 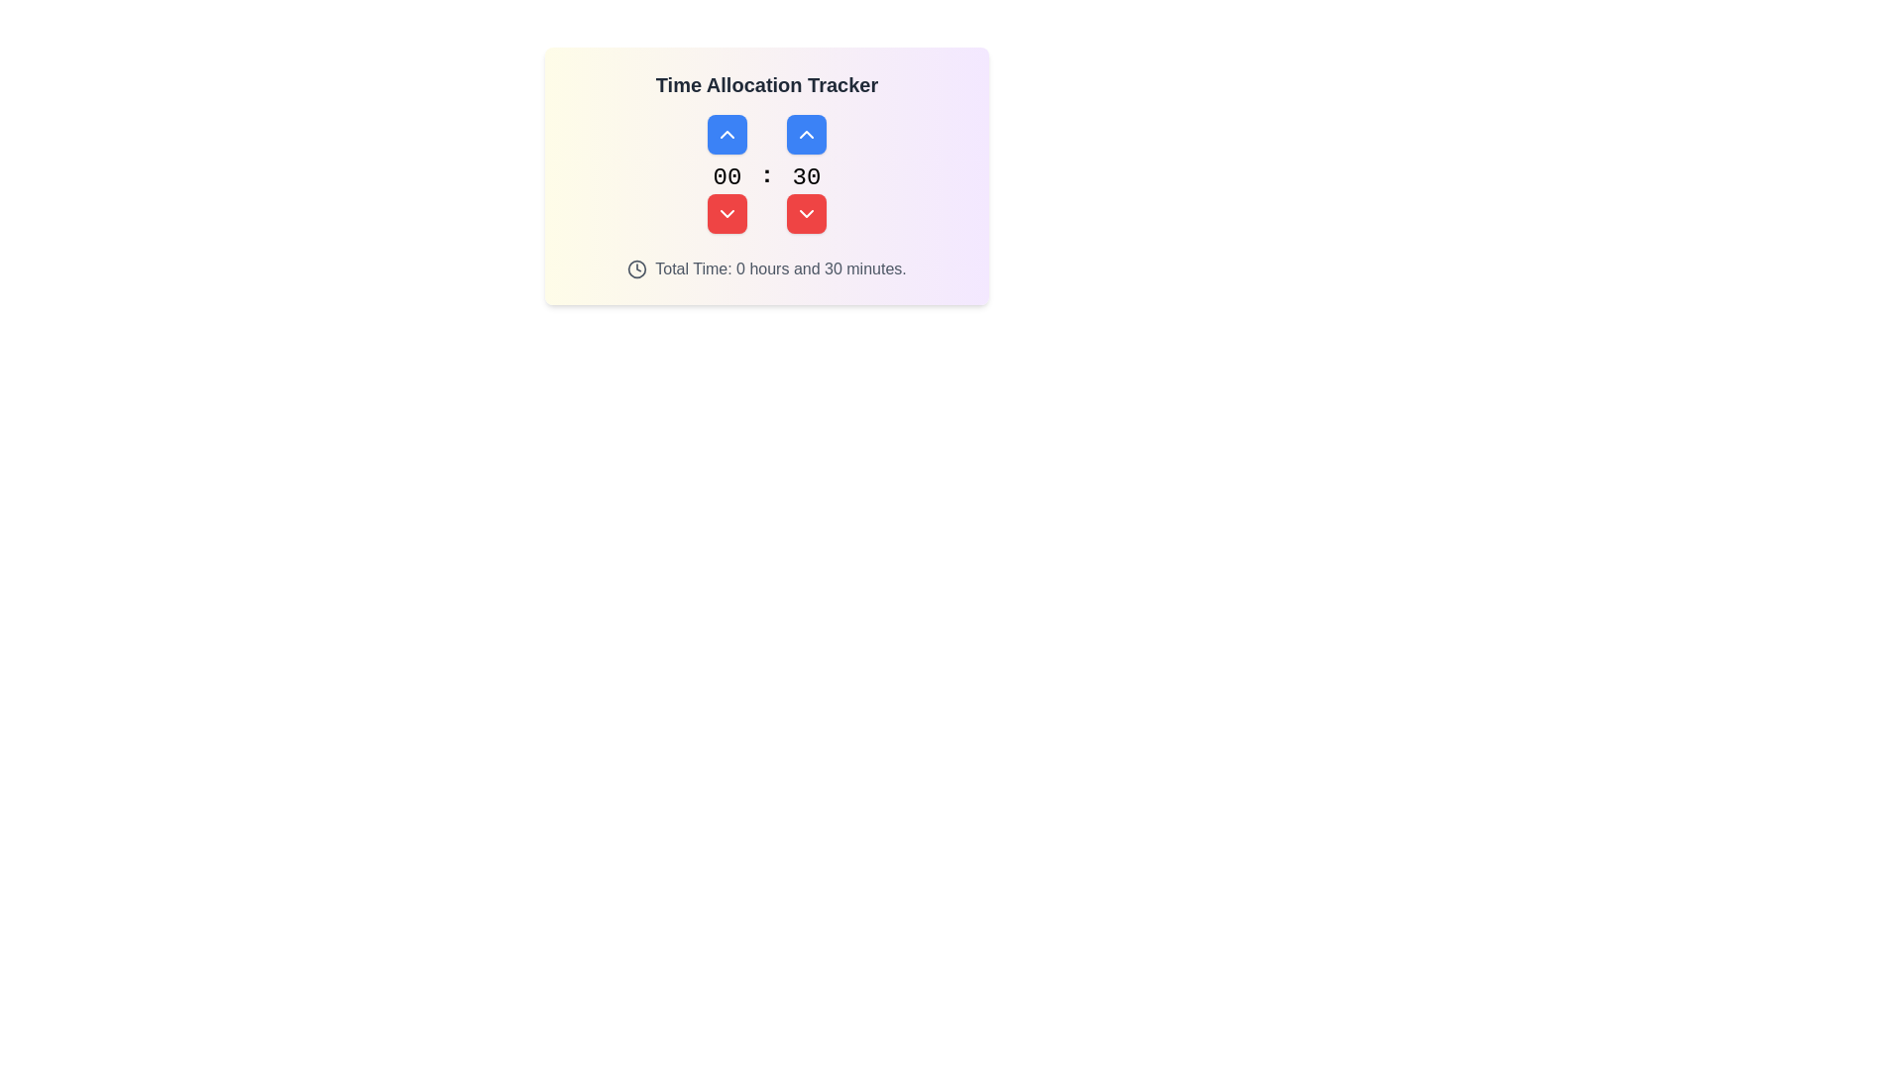 I want to click on the Text element displaying the current value of minutes in the time allocation interface, which is positioned between the upward and downward arrow icons, so click(x=807, y=178).